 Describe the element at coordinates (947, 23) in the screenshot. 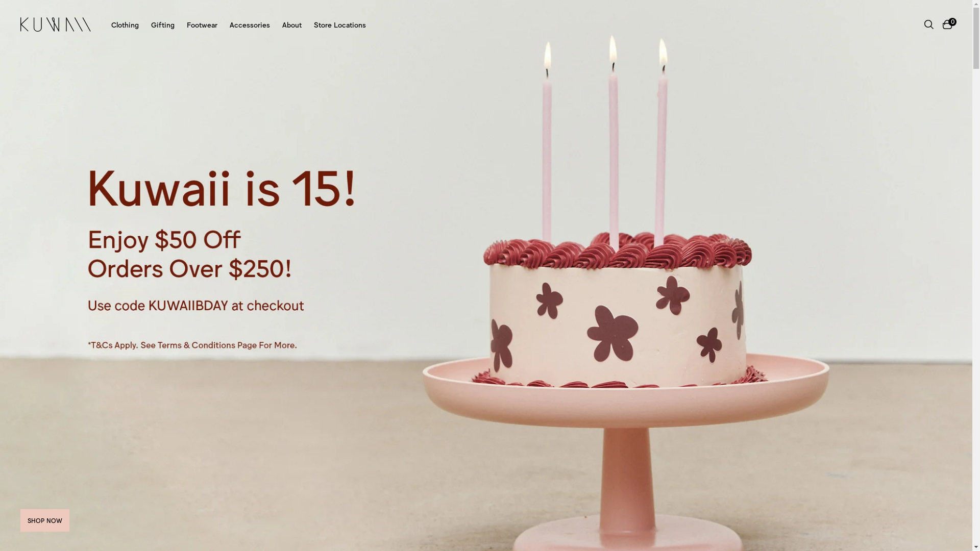

I see `'0'` at that location.